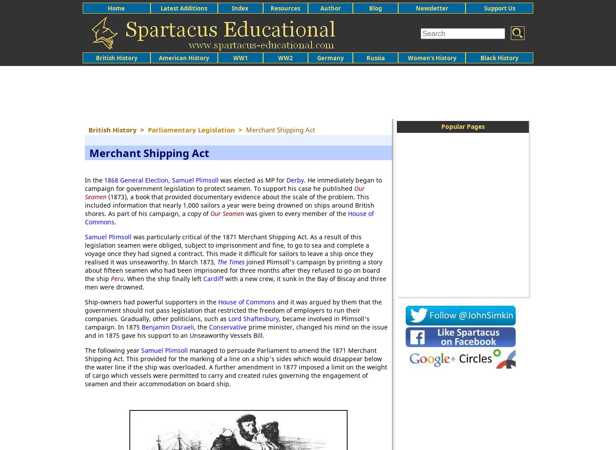  Describe the element at coordinates (234, 270) in the screenshot. I see `'joined Plimsoll's campaign by printing a story about fifteen seamen who had been imprisoned for three months after they refused to go on board the ship'` at that location.